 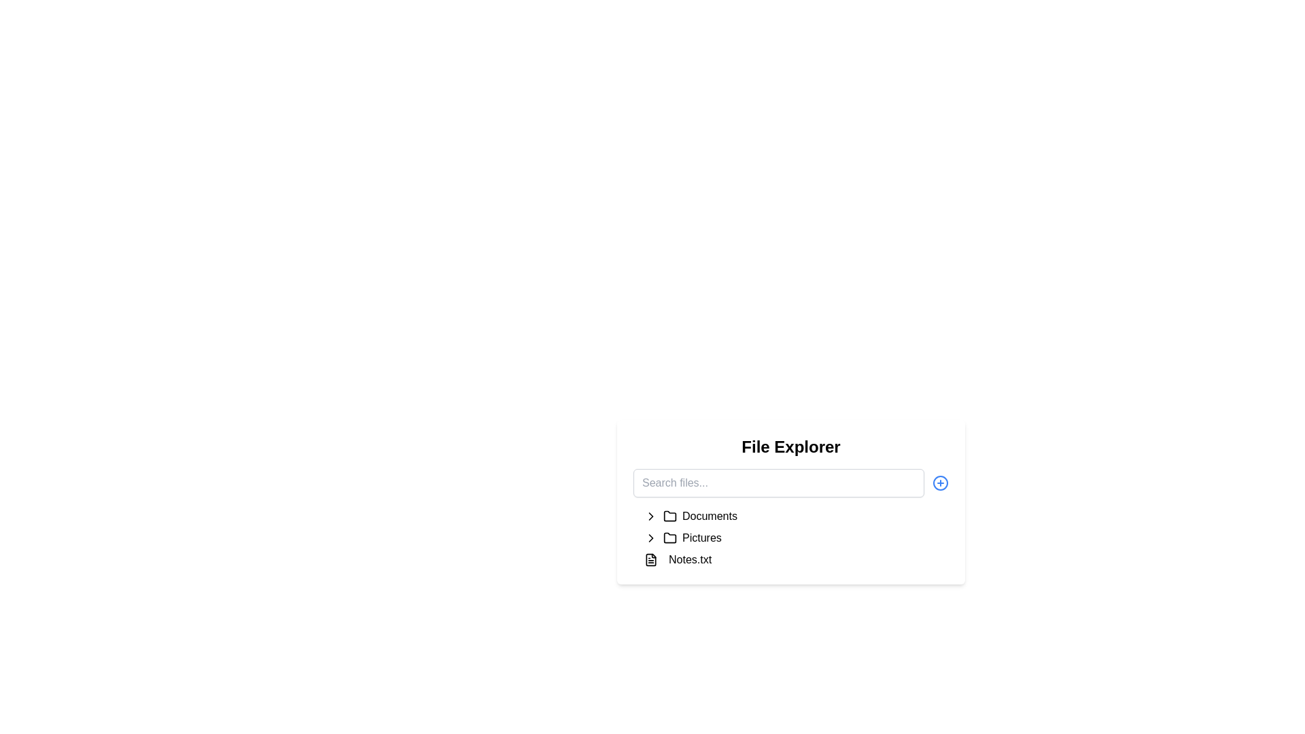 I want to click on the folder icon representing the 'Documents' directory located in the file explorer, positioned immediately to the left of the 'Documents' text, so click(x=669, y=516).